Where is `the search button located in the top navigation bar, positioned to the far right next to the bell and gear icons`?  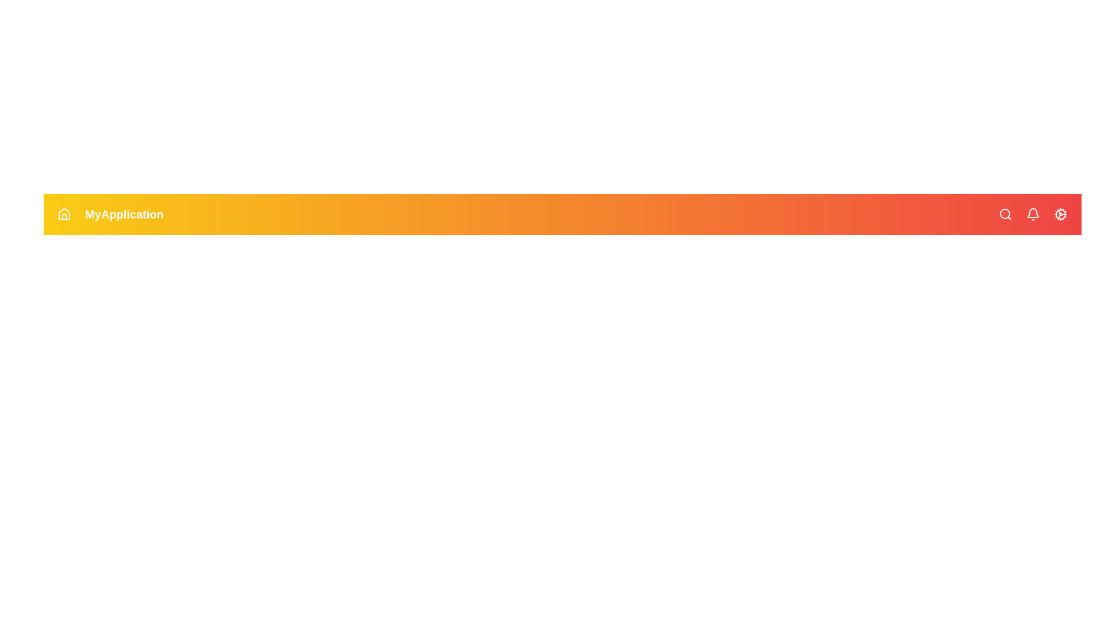 the search button located in the top navigation bar, positioned to the far right next to the bell and gear icons is located at coordinates (1005, 214).